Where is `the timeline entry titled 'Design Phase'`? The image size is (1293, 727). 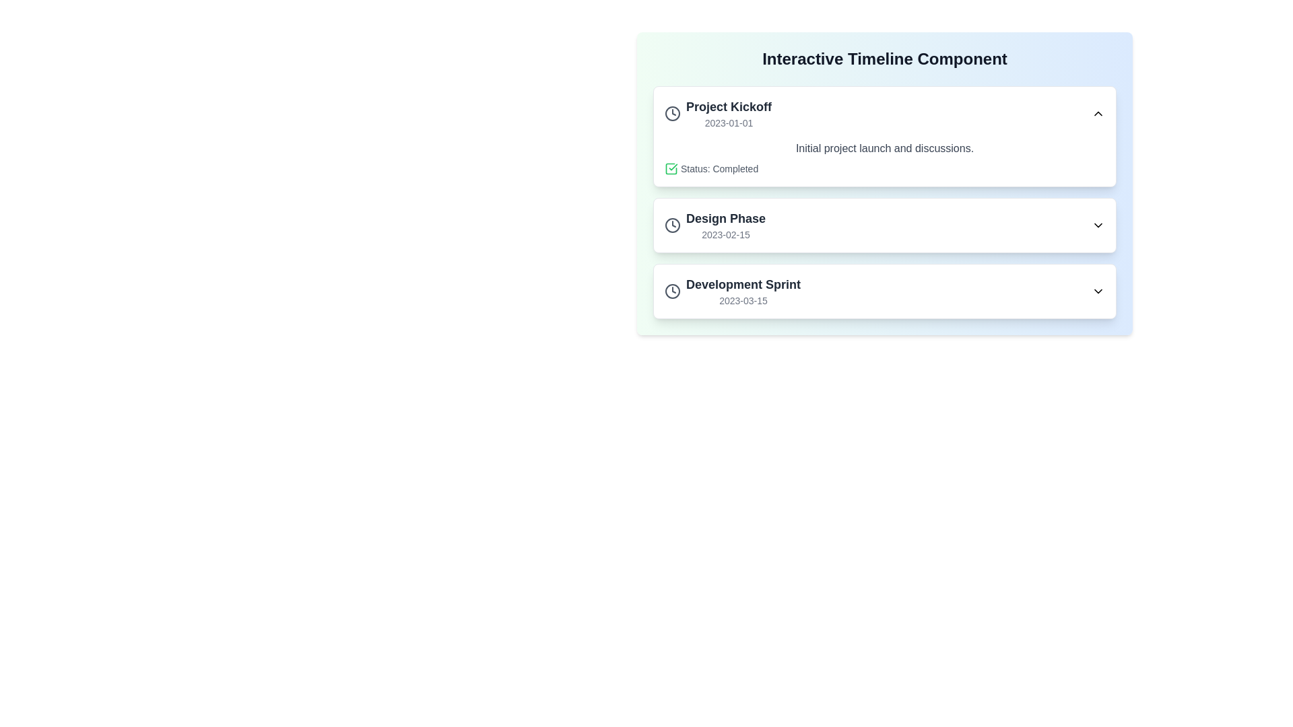 the timeline entry titled 'Design Phase' is located at coordinates (885, 225).